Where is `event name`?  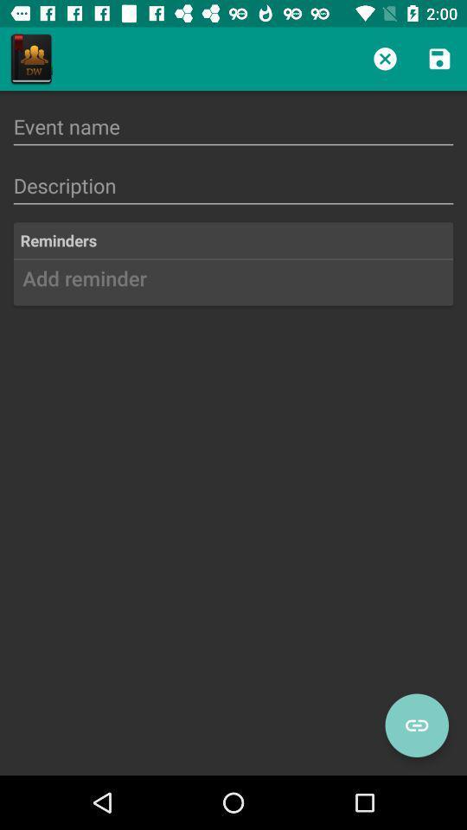 event name is located at coordinates (233, 125).